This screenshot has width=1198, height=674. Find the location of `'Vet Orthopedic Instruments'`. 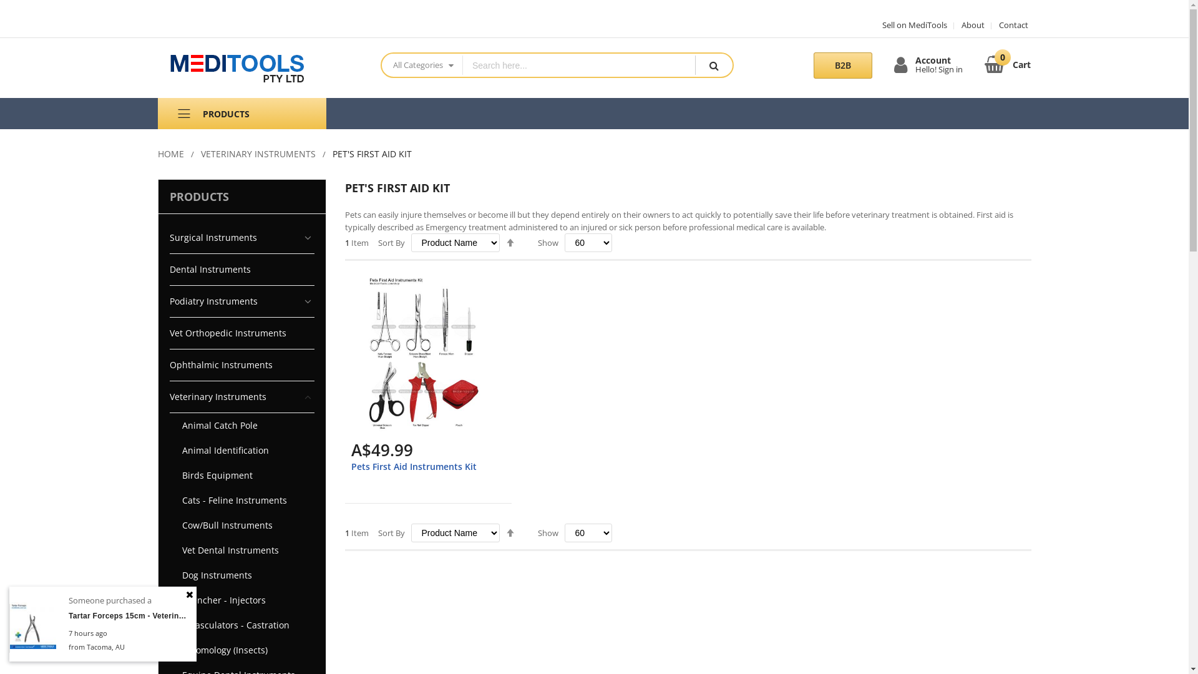

'Vet Orthopedic Instruments' is located at coordinates (242, 333).